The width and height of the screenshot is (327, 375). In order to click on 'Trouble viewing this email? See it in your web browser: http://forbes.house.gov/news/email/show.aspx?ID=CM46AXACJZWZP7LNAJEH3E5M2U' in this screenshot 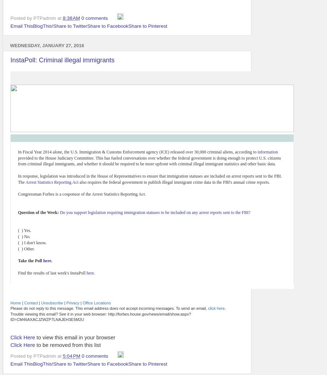, I will do `click(100, 316)`.